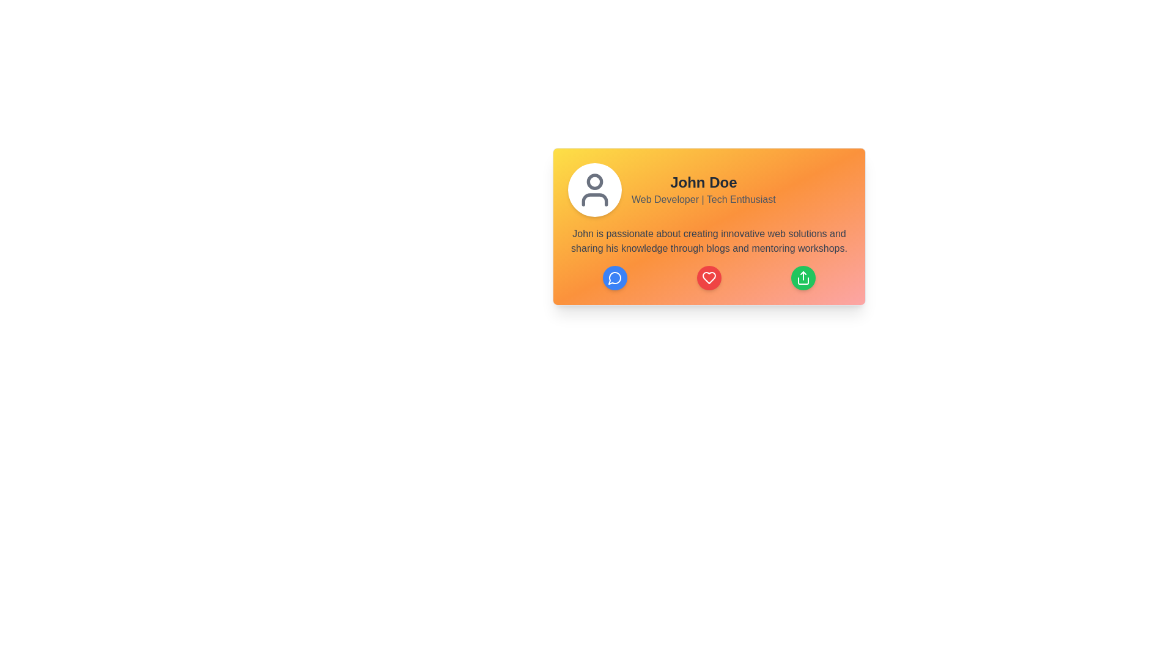 This screenshot has width=1174, height=660. What do you see at coordinates (703, 183) in the screenshot?
I see `the text label displaying 'John Doe' in bold font, which is positioned at the top-left of the card interface, right-aligned to a person icon` at bounding box center [703, 183].